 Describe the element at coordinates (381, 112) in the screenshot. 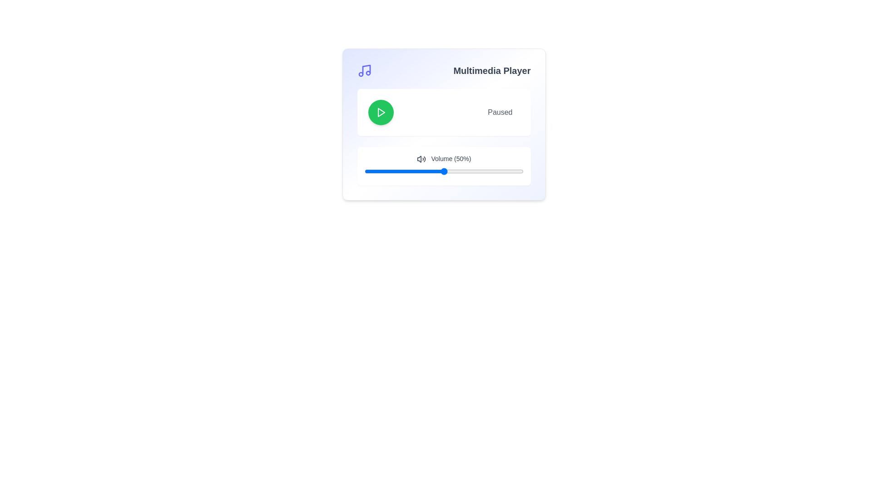

I see `the play icon located in the upper-left section of the multimedia player UI panel, which is centered within a green circular button` at that location.